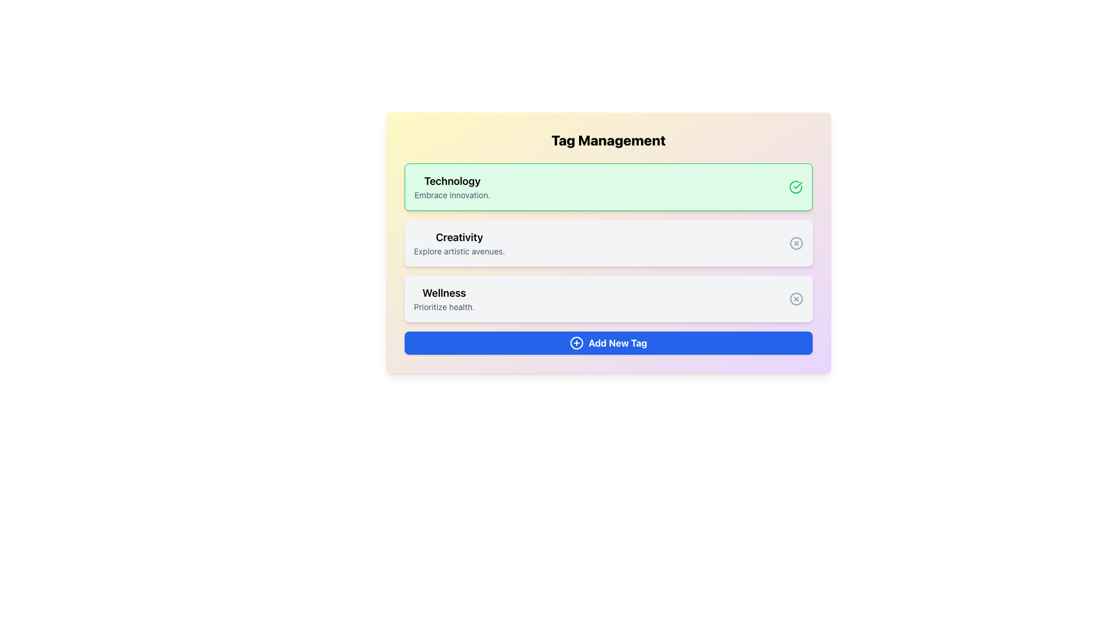  What do you see at coordinates (459, 243) in the screenshot?
I see `the 'Creativity' content block, which is the second entry in a list of cards, featuring a large, bold heading and a smaller description` at bounding box center [459, 243].